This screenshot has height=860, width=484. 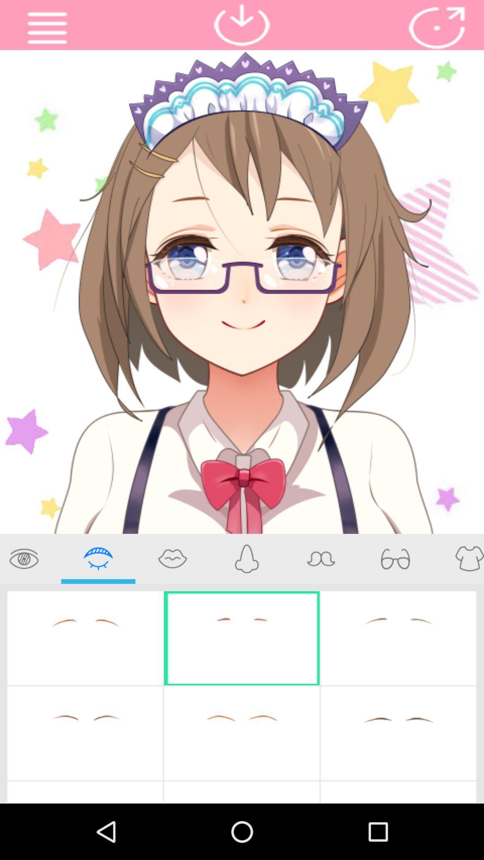 I want to click on the menu icon, so click(x=47, y=30).